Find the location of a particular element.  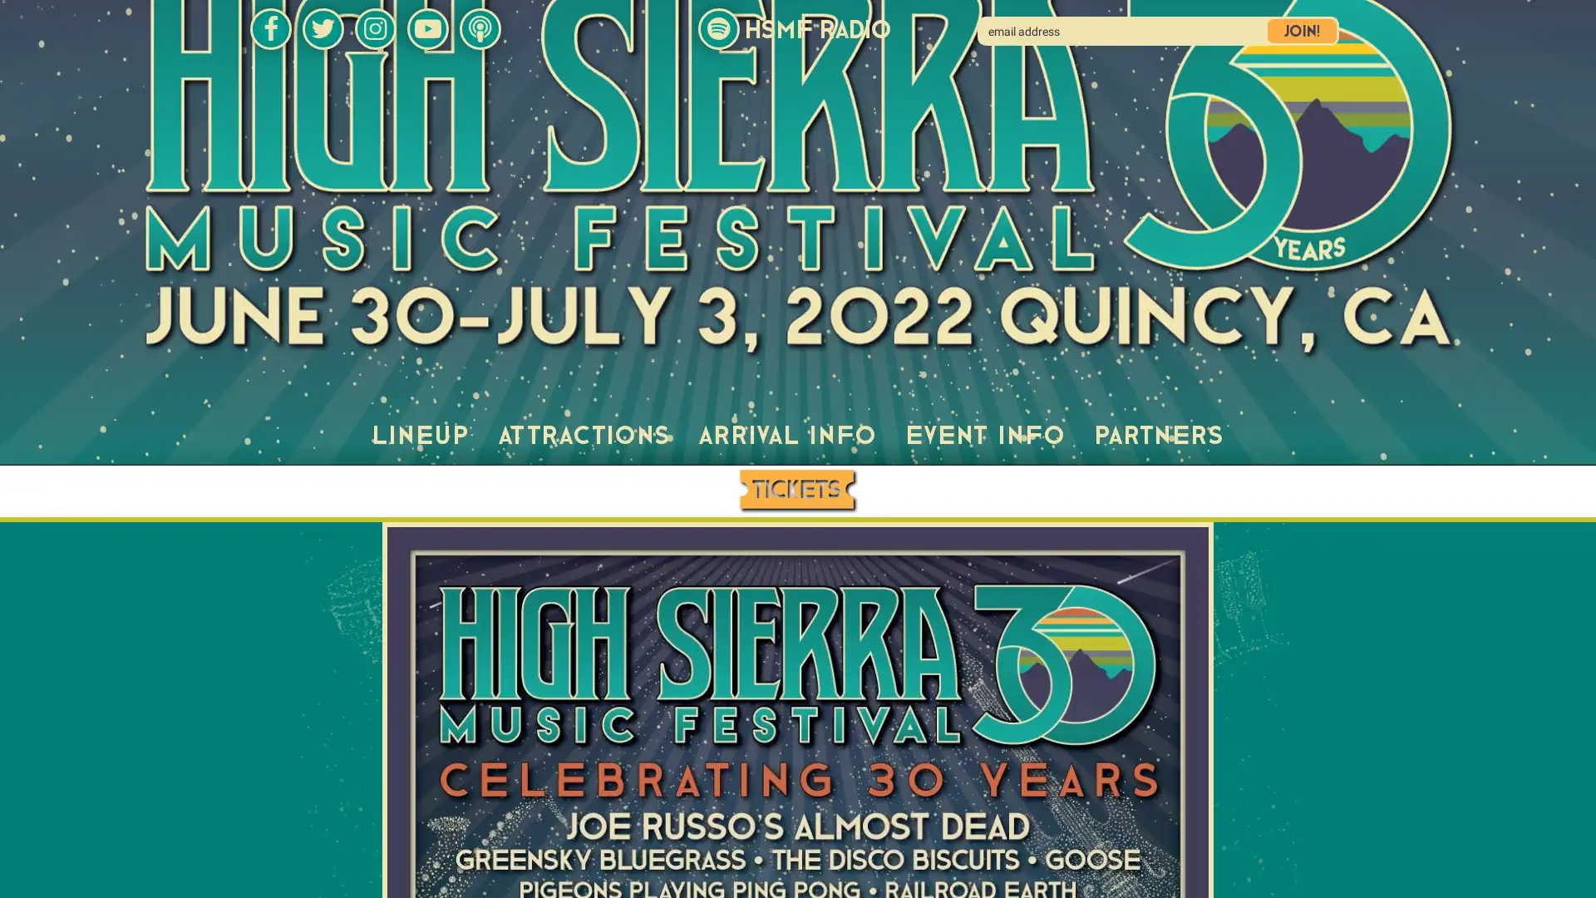

Join! is located at coordinates (1301, 31).